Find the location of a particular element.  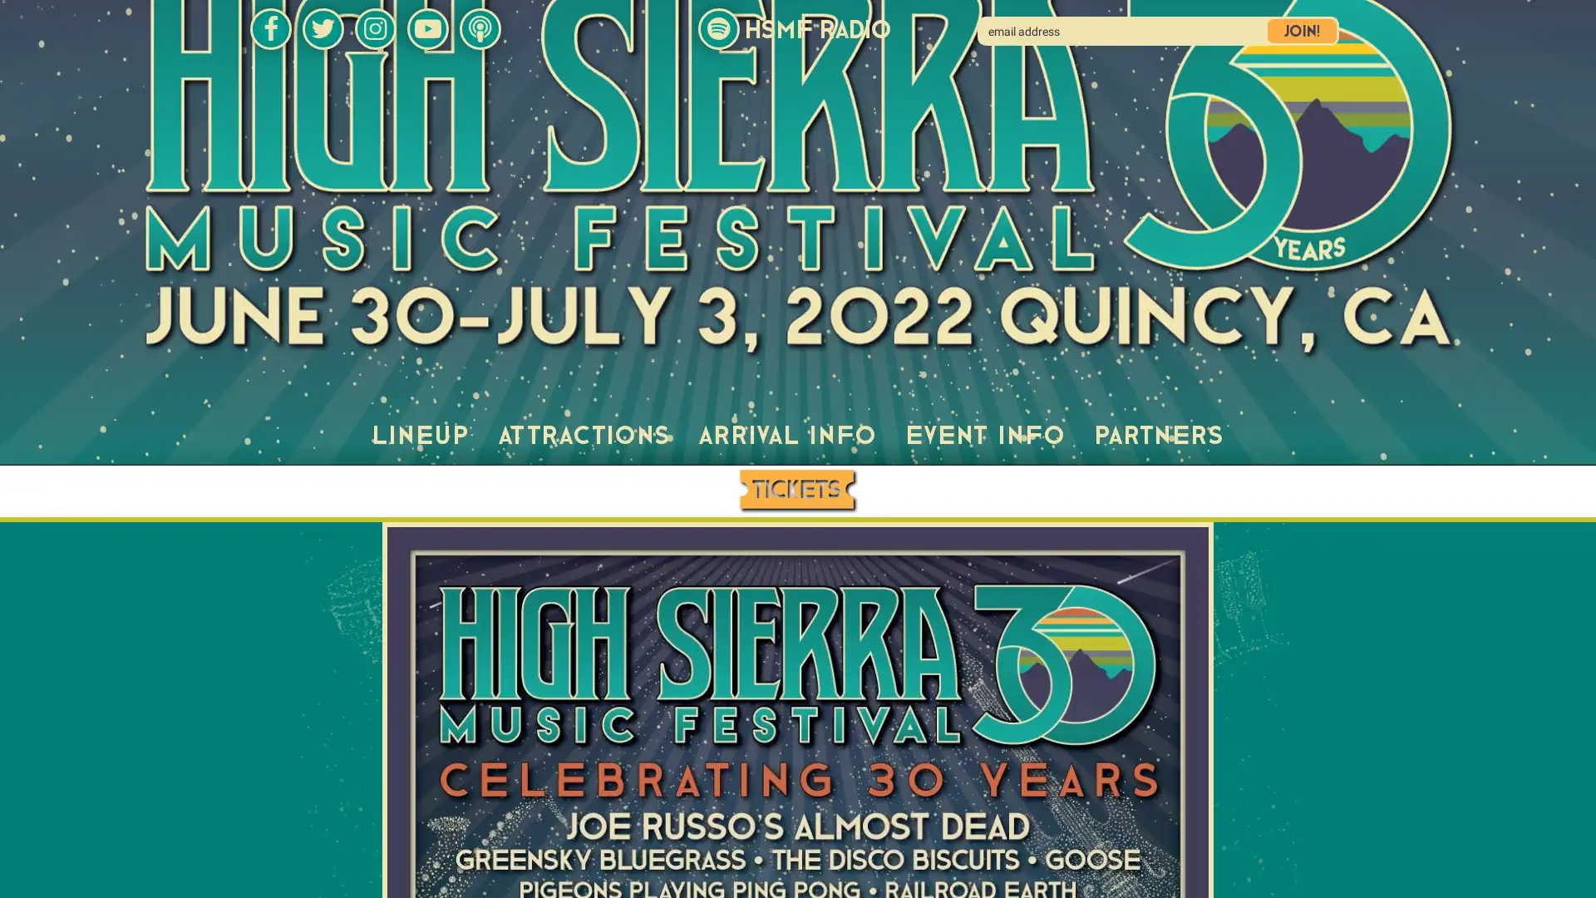

Join! is located at coordinates (1301, 31).